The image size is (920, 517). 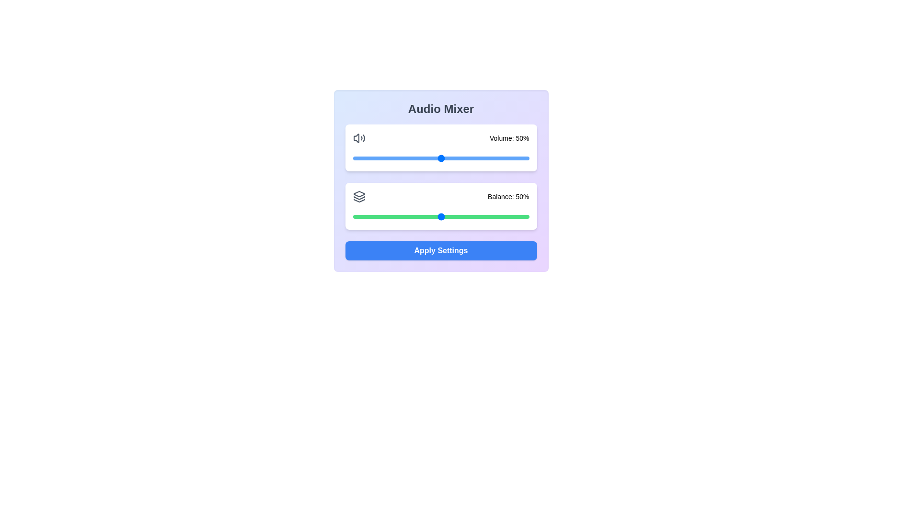 What do you see at coordinates (428, 216) in the screenshot?
I see `the balance to 43% by interacting with the slider` at bounding box center [428, 216].